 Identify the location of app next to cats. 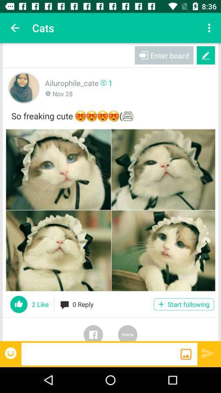
(210, 28).